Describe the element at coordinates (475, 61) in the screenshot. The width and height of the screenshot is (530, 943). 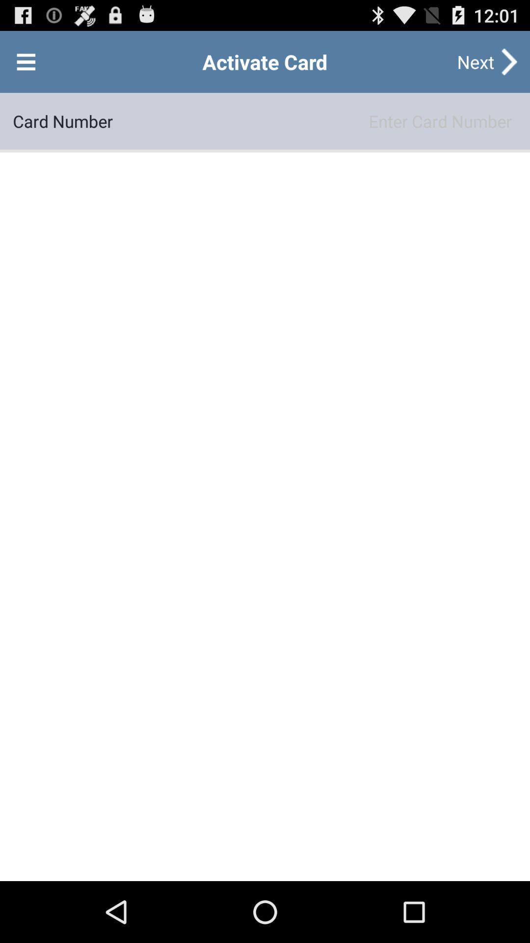
I see `icon at the top right corner` at that location.